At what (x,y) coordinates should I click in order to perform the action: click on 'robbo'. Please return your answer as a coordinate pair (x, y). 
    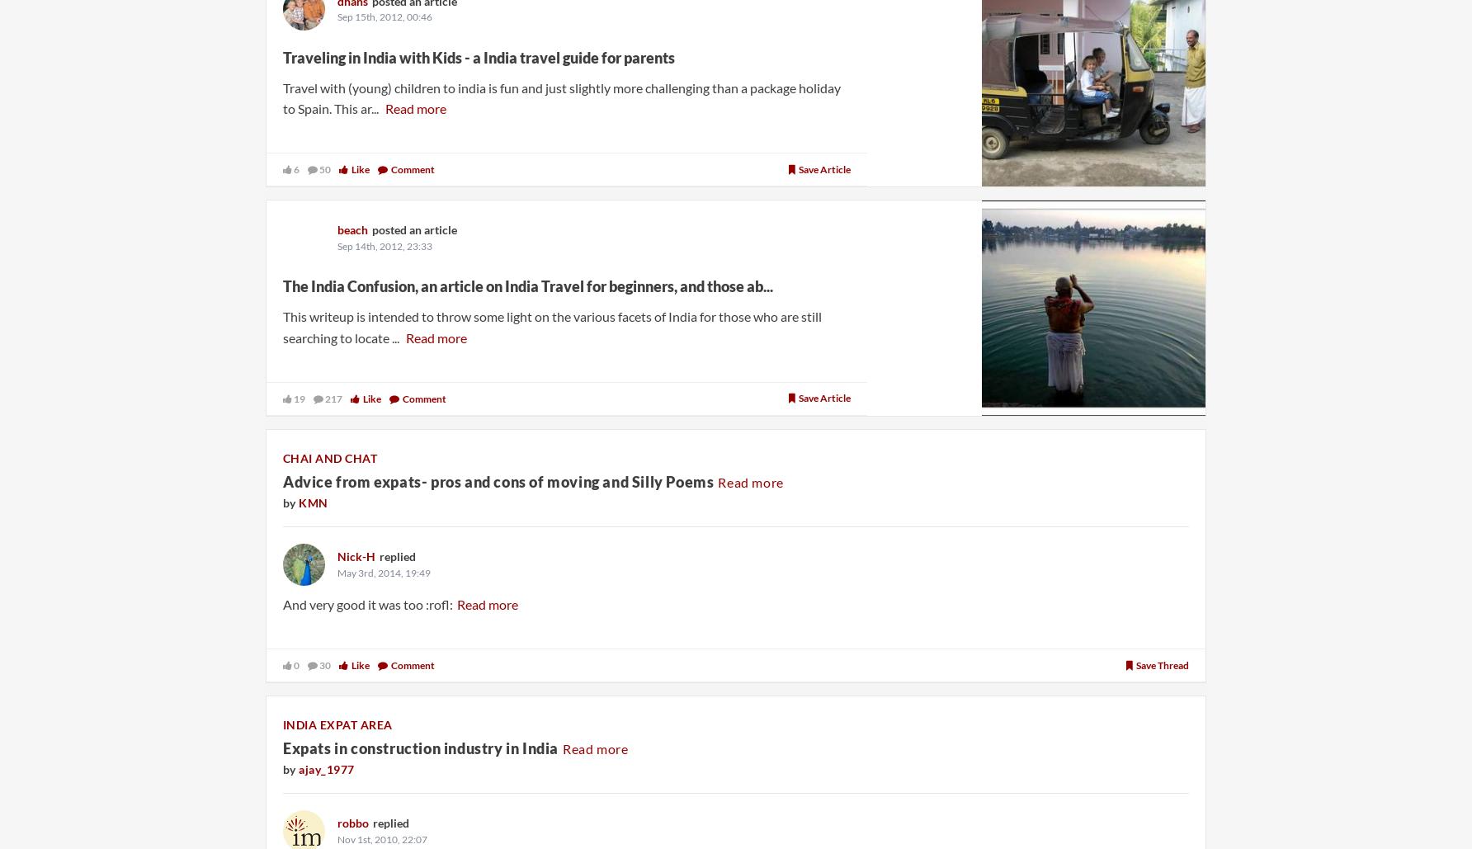
    Looking at the image, I should click on (351, 822).